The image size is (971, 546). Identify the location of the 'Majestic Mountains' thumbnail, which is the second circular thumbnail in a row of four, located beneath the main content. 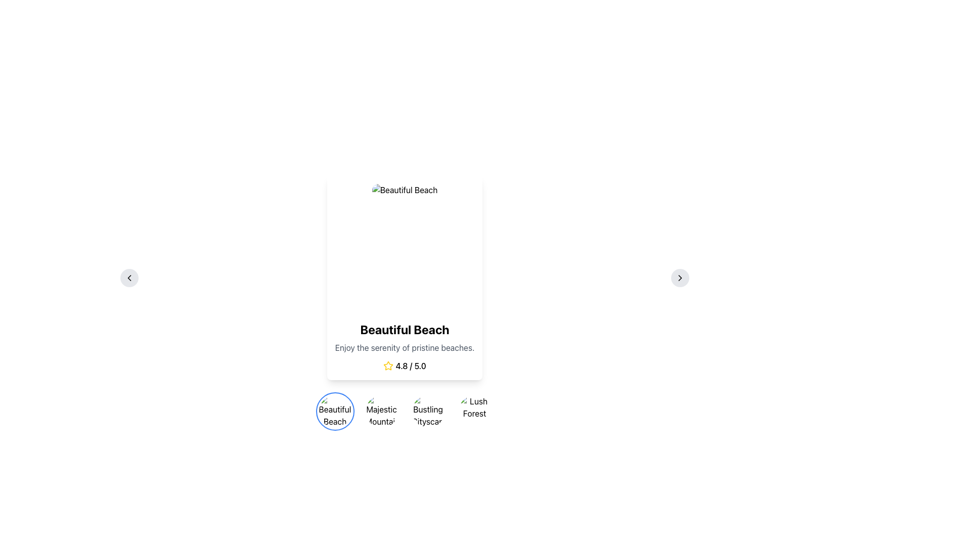
(381, 411).